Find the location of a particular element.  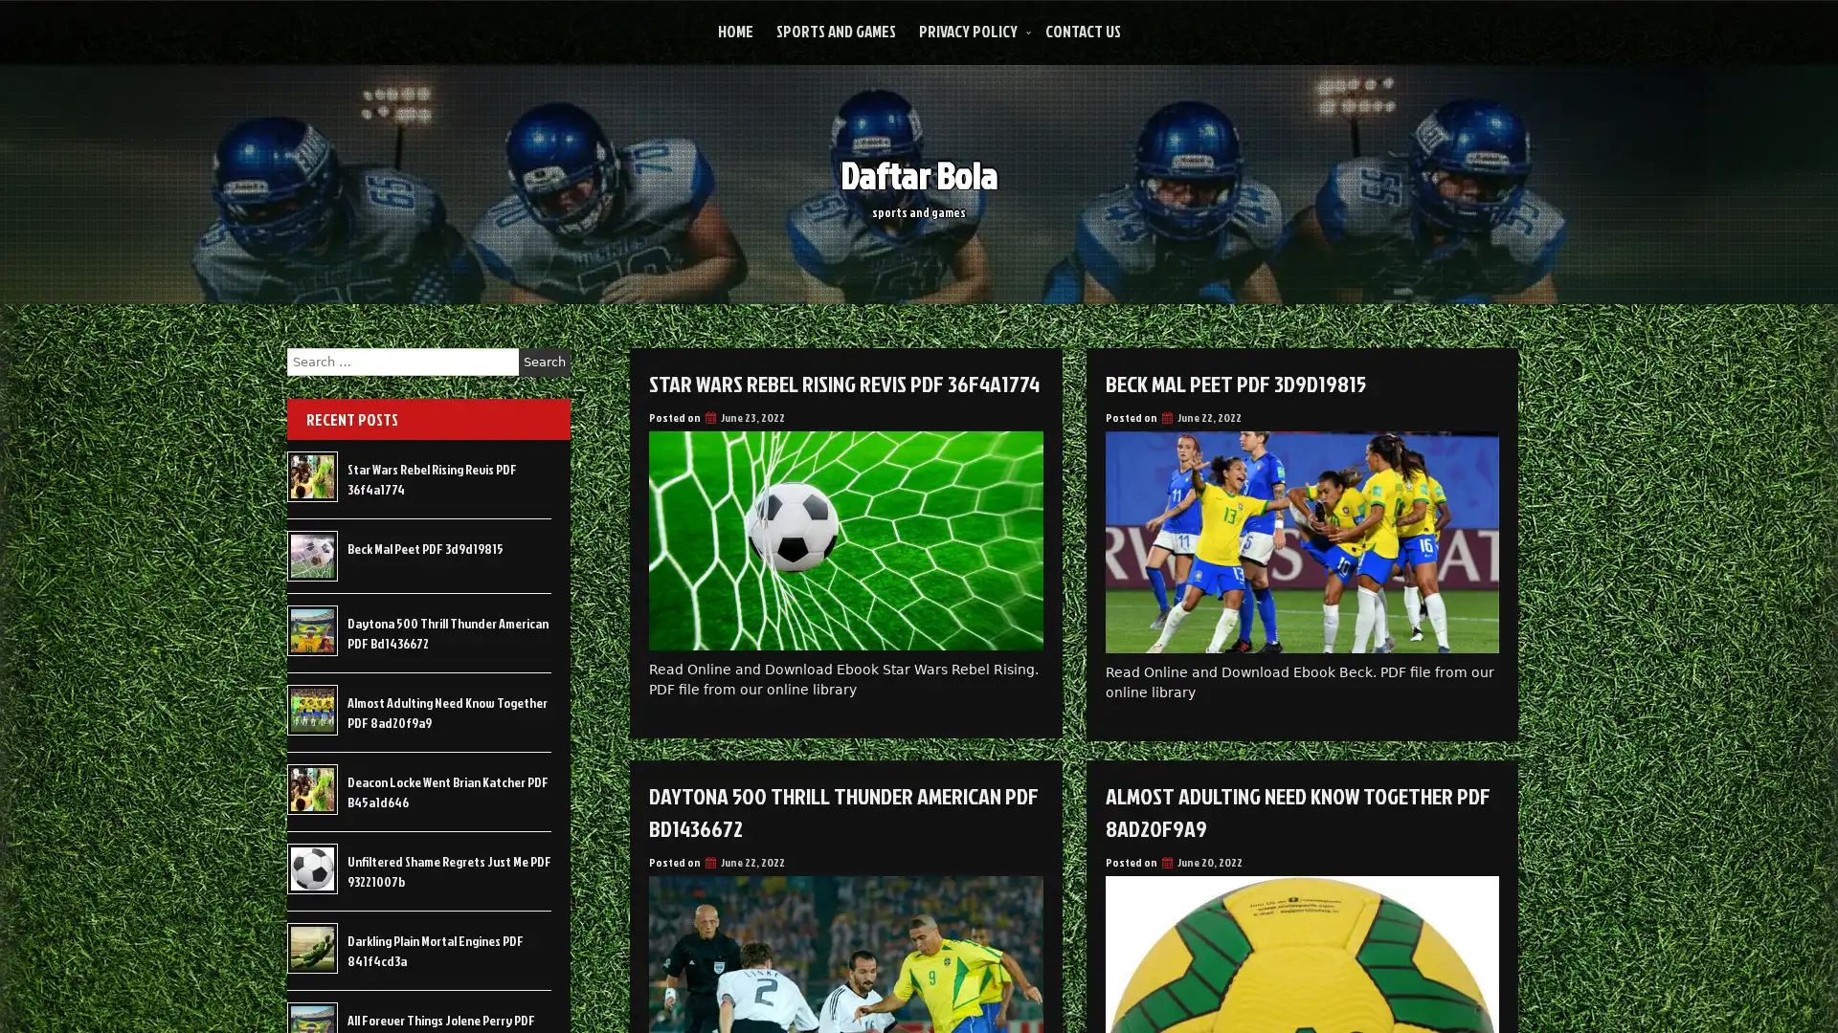

Search is located at coordinates (544, 362).